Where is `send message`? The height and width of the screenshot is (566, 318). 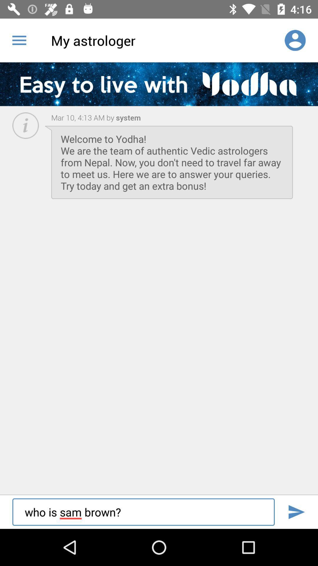 send message is located at coordinates (296, 512).